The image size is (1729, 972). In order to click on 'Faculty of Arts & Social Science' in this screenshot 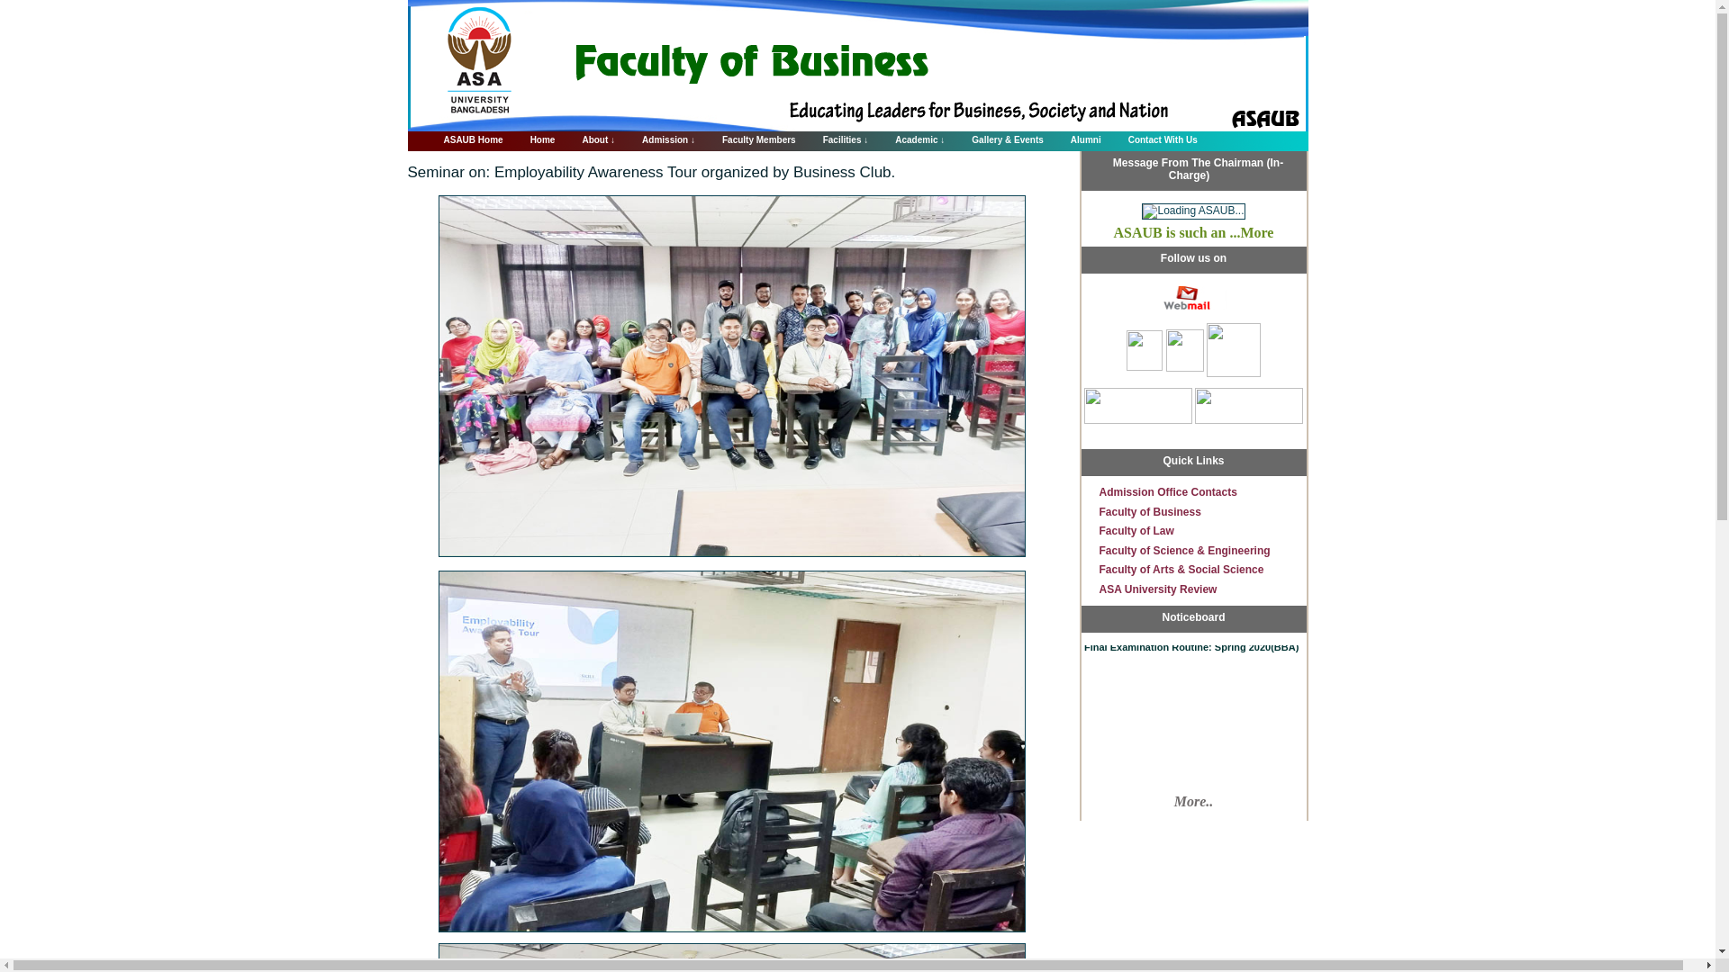, I will do `click(1181, 569)`.